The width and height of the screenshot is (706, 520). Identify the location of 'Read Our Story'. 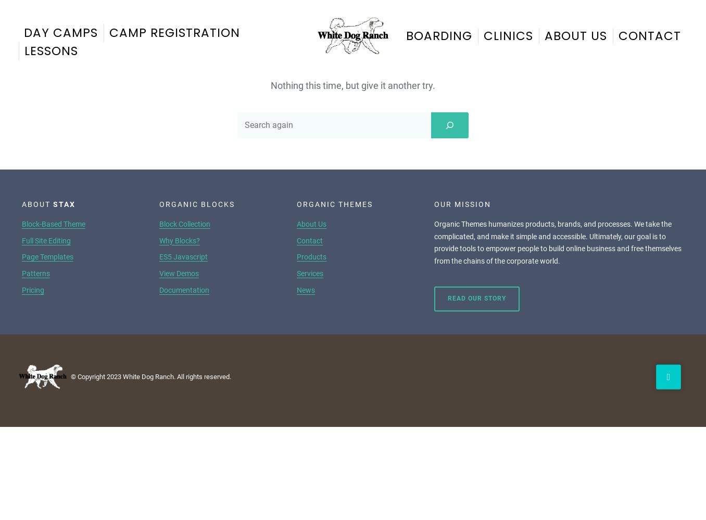
(476, 297).